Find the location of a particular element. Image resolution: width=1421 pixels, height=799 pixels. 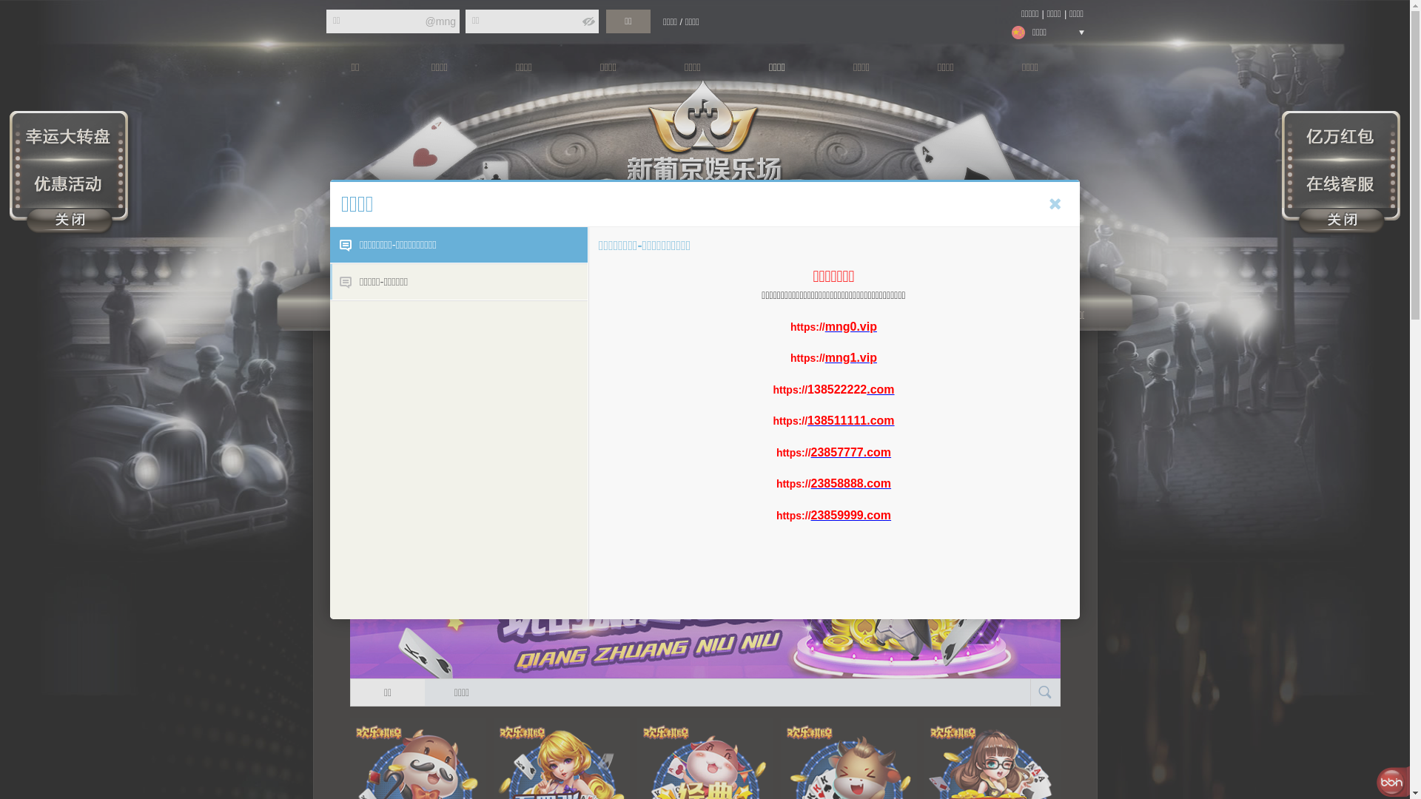

'23857777.com' is located at coordinates (851, 451).